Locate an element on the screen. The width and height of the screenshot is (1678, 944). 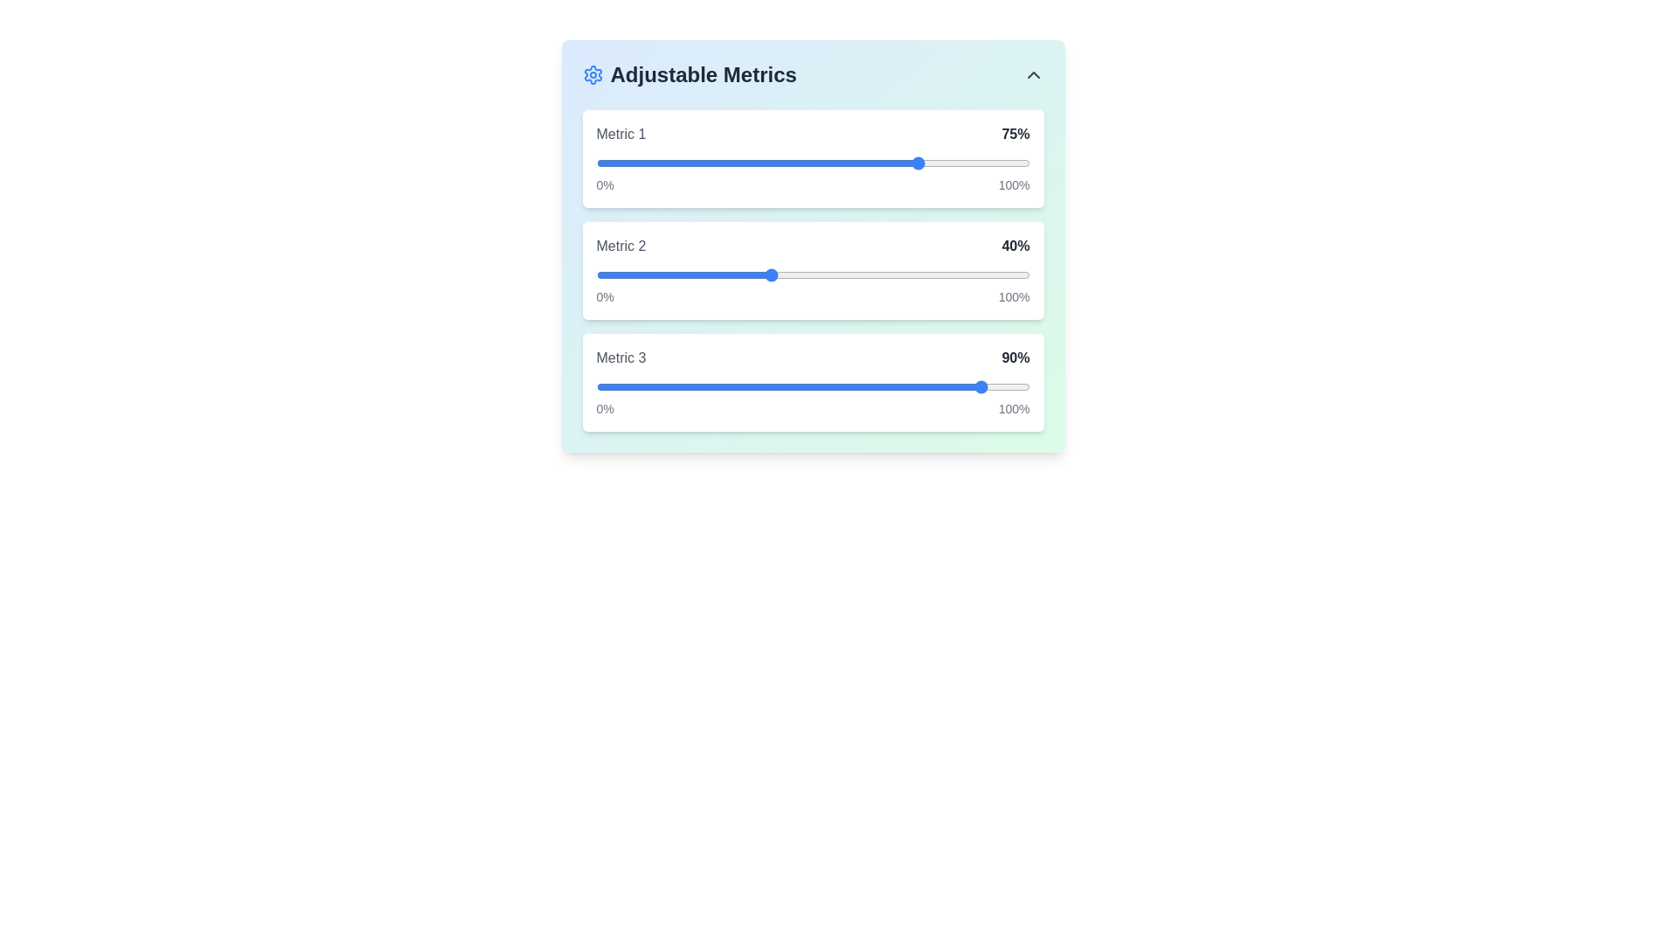
the slider element for 'Metric 3' is located at coordinates (812, 382).